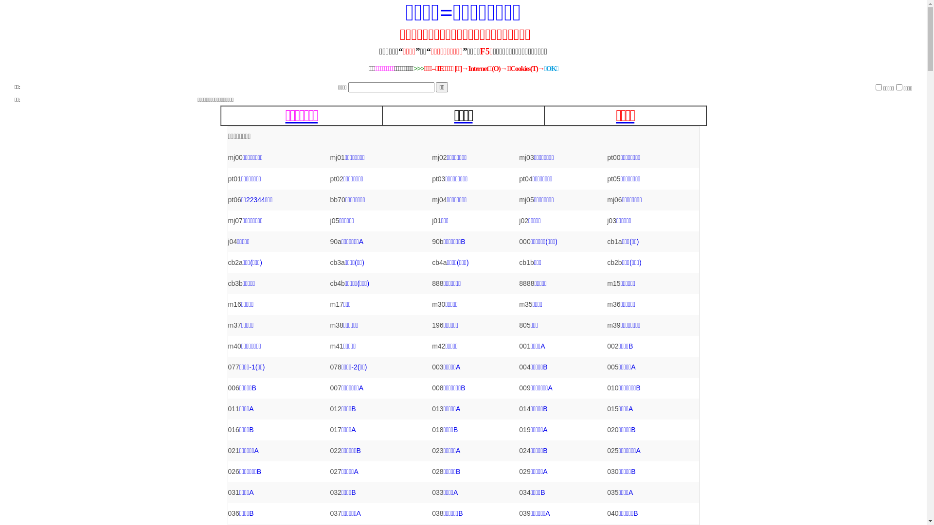  Describe the element at coordinates (518, 513) in the screenshot. I see `'039'` at that location.